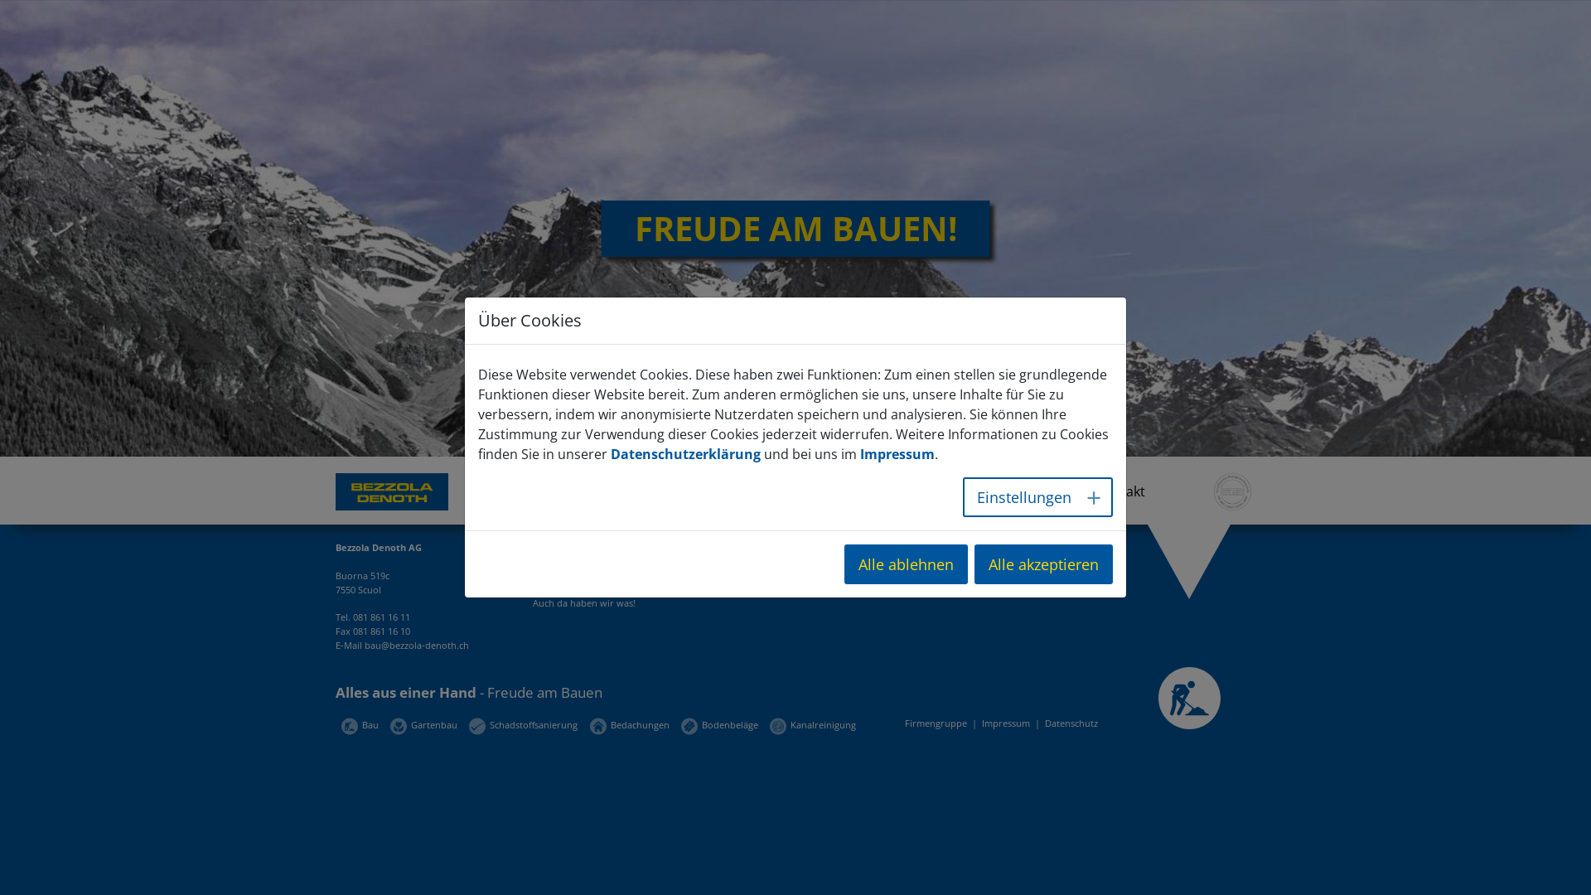 The height and width of the screenshot is (895, 1591). What do you see at coordinates (769, 723) in the screenshot?
I see `'Kanalreinigung'` at bounding box center [769, 723].